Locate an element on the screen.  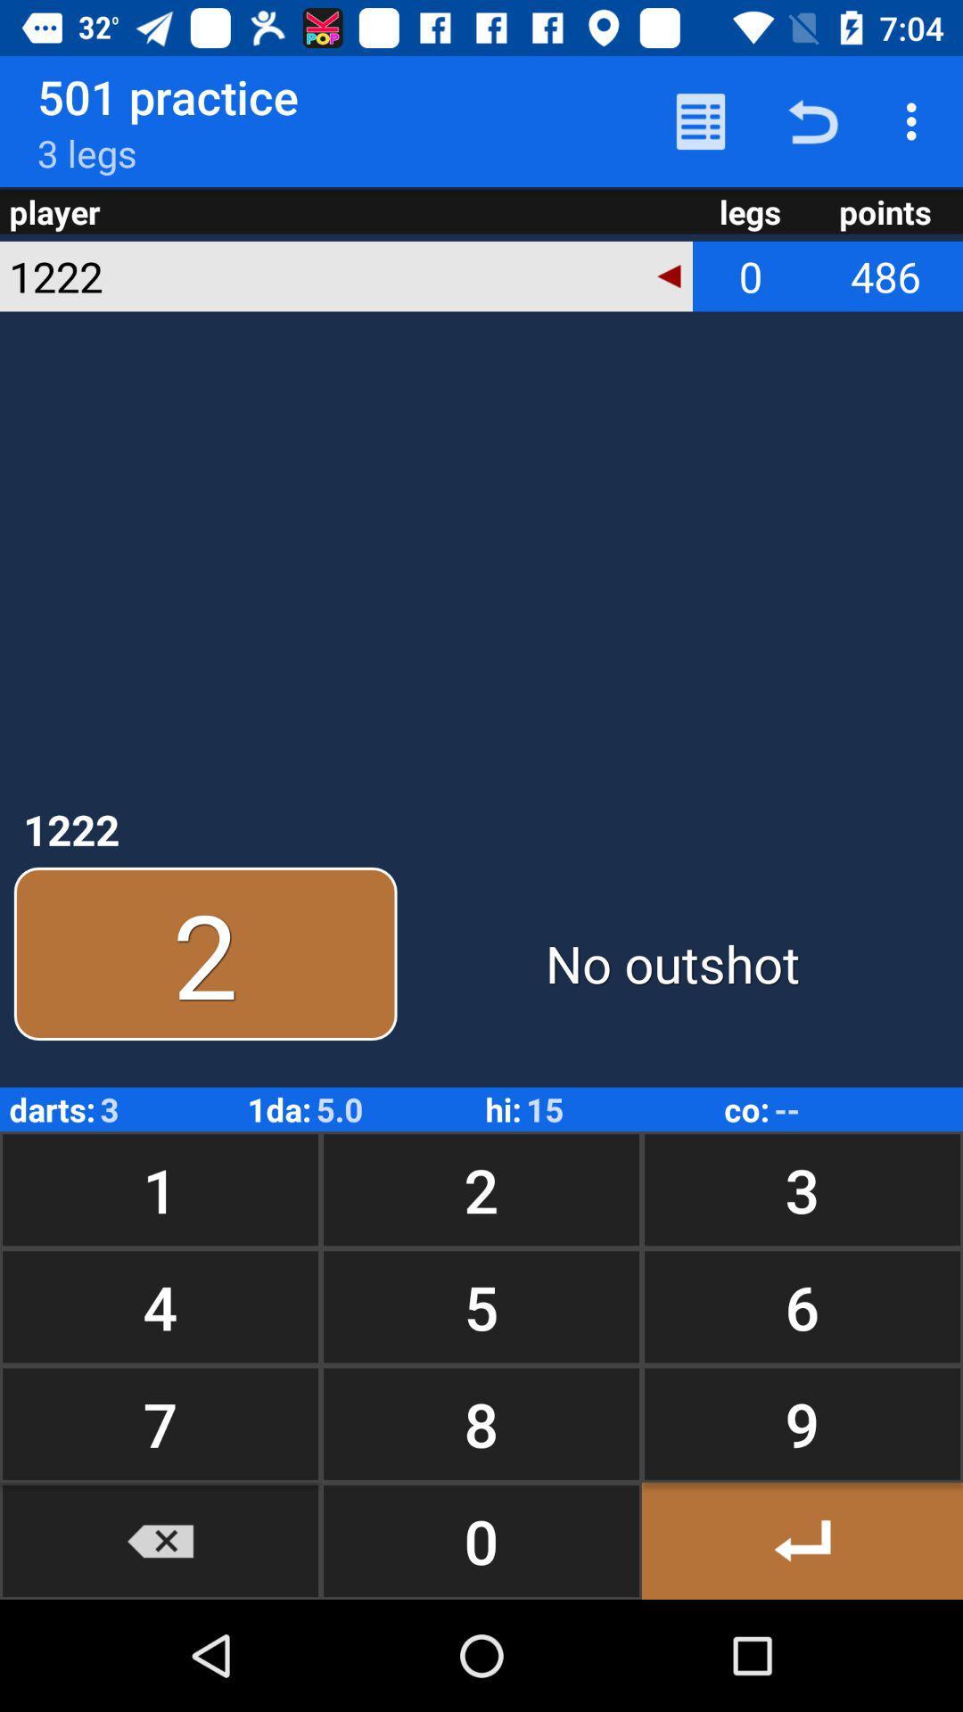
enter is located at coordinates (801, 1540).